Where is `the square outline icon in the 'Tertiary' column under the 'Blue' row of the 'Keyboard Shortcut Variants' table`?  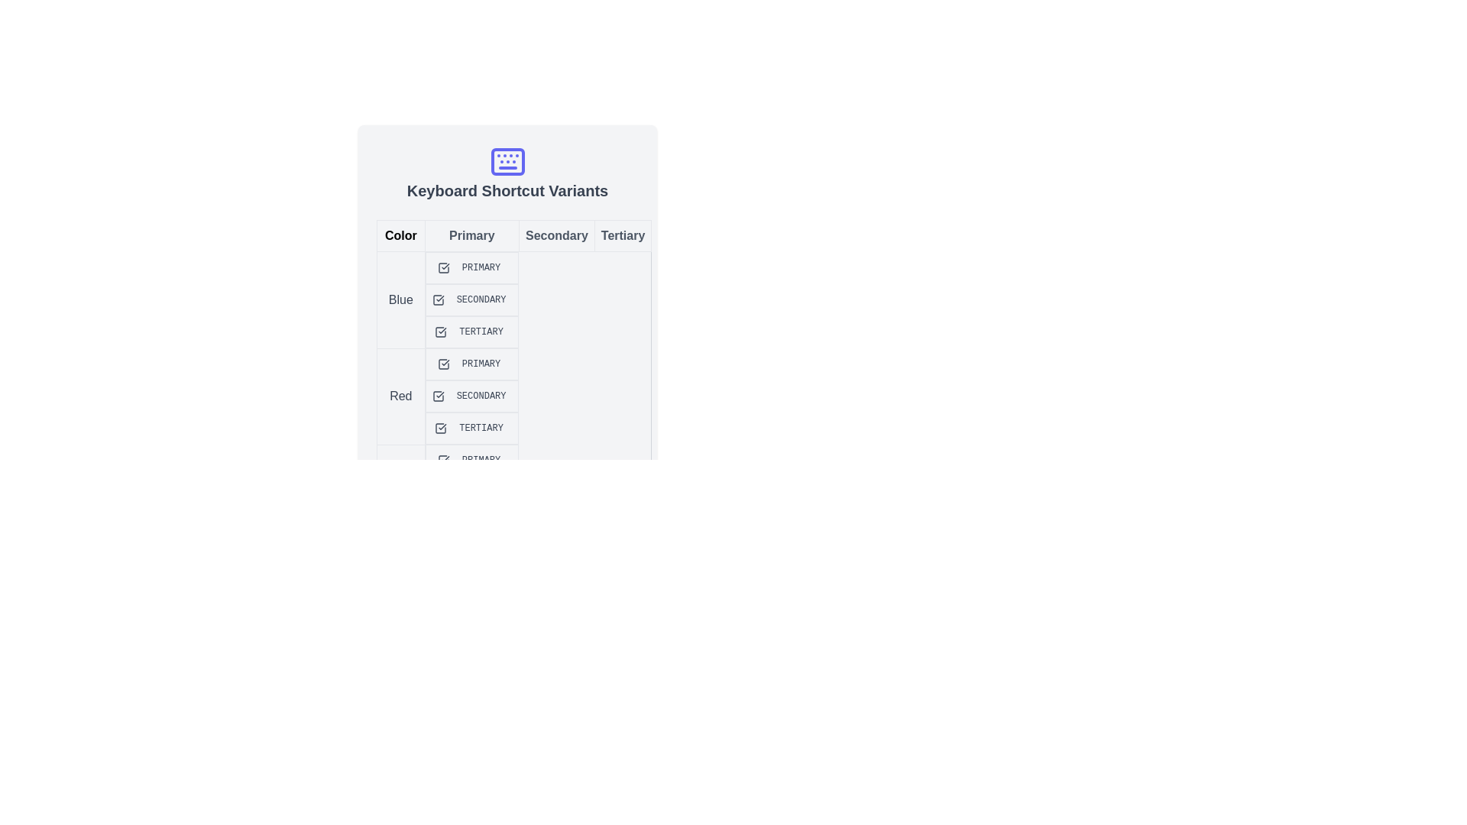
the square outline icon in the 'Tertiary' column under the 'Blue' row of the 'Keyboard Shortcut Variants' table is located at coordinates (440, 332).